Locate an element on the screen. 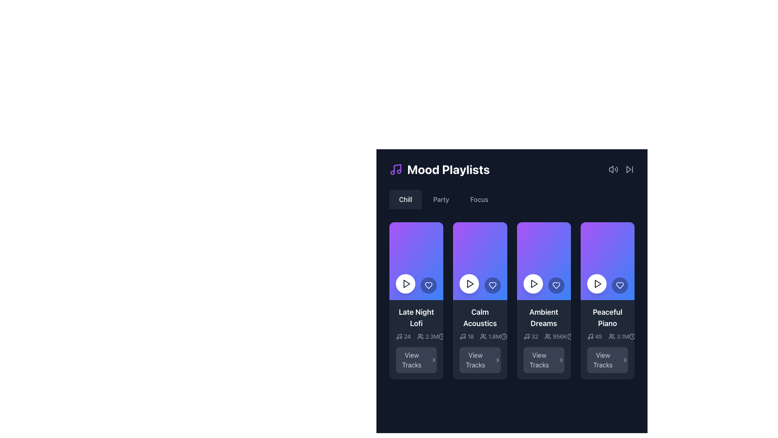  the user-related information icon located in the bottom section of the 'Peaceful Piano' card, positioned to the left of the text '3.1M' is located at coordinates (612, 336).